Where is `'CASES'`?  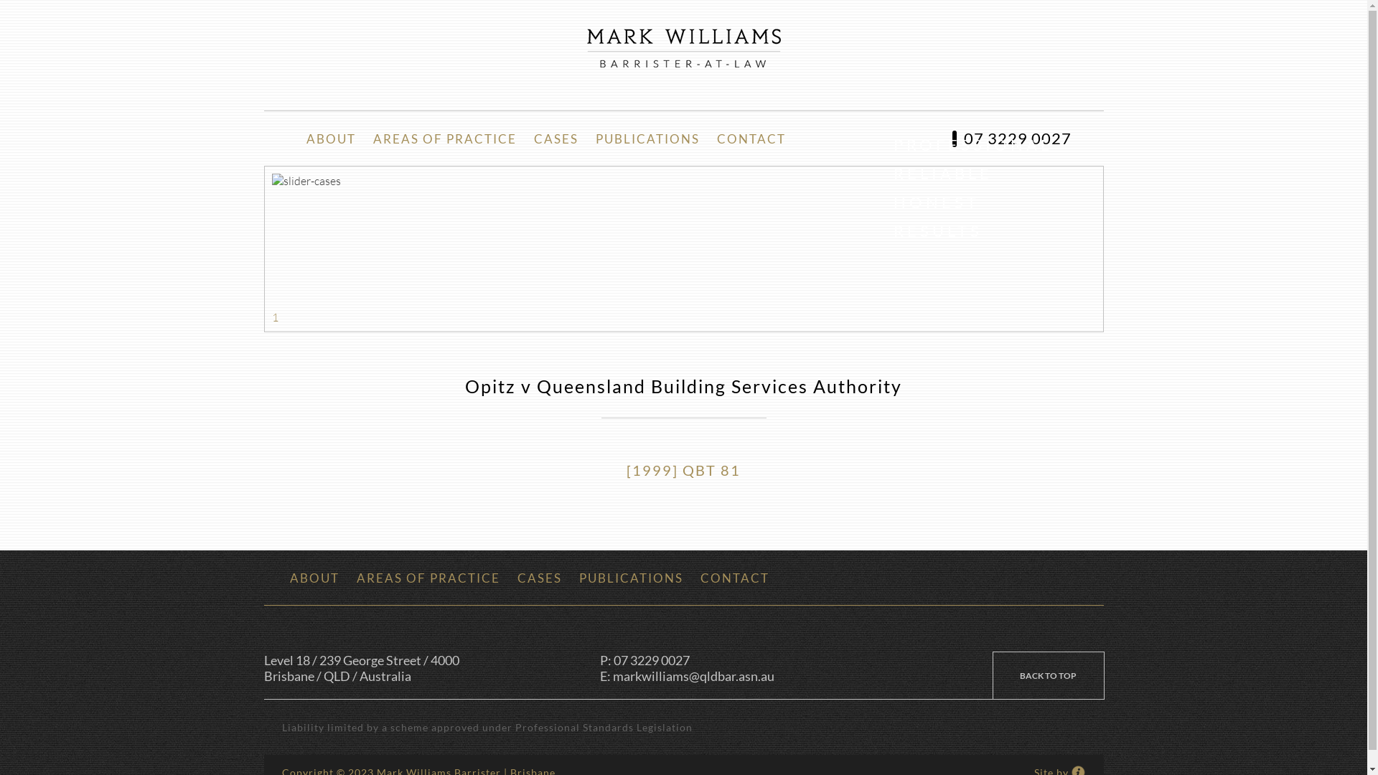 'CASES' is located at coordinates (508, 577).